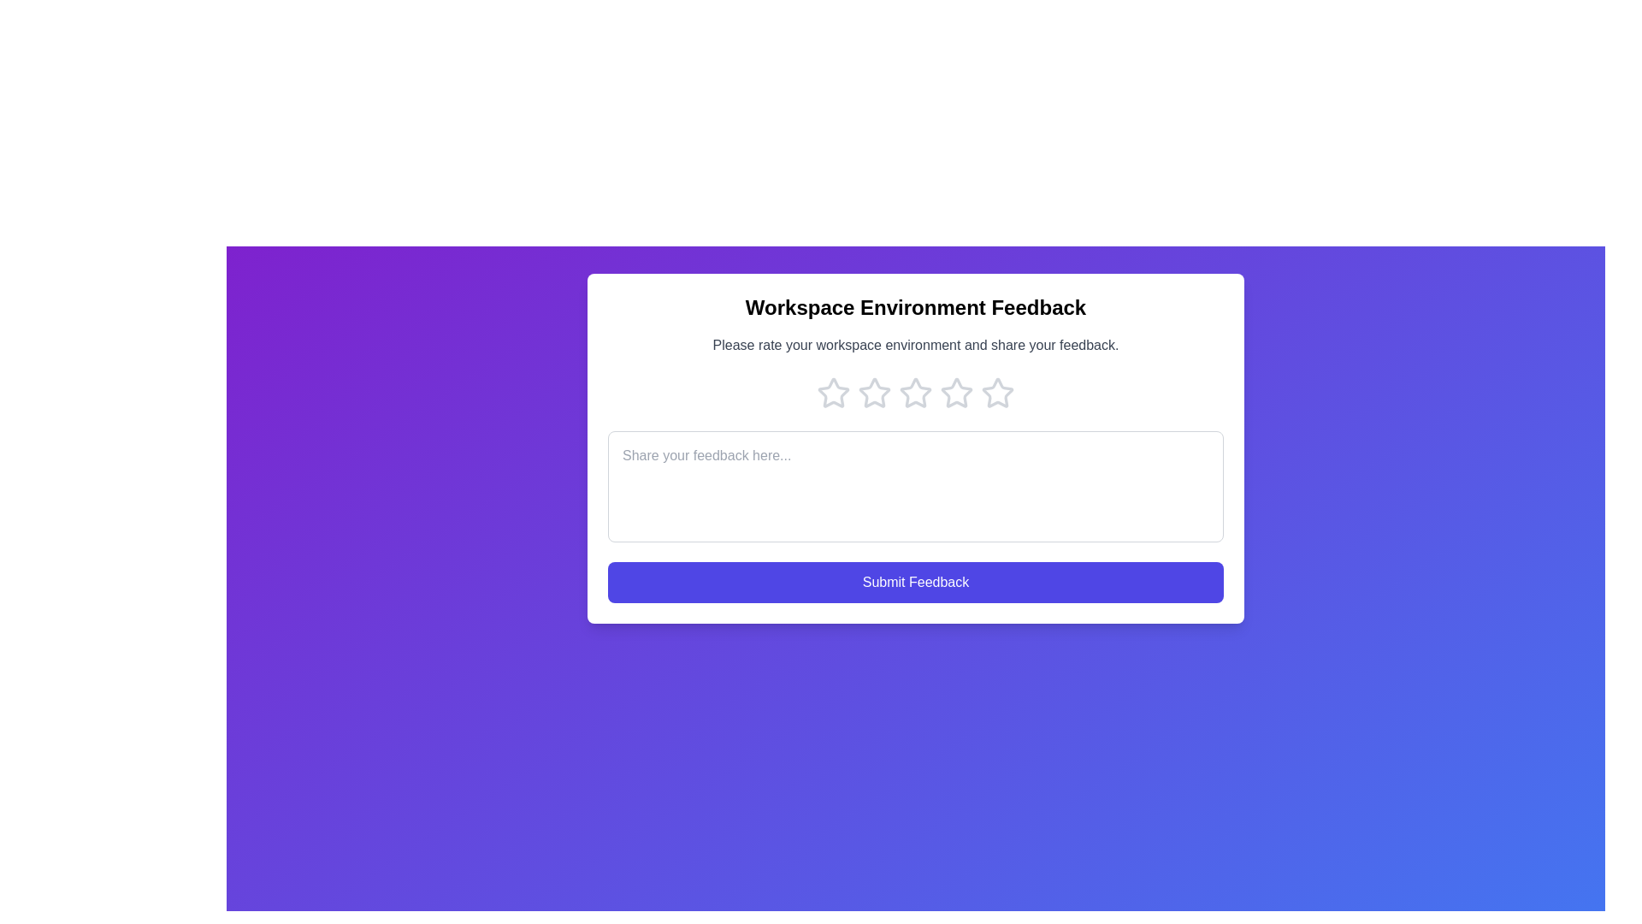  I want to click on the star corresponding to the rating 4, so click(955, 393).